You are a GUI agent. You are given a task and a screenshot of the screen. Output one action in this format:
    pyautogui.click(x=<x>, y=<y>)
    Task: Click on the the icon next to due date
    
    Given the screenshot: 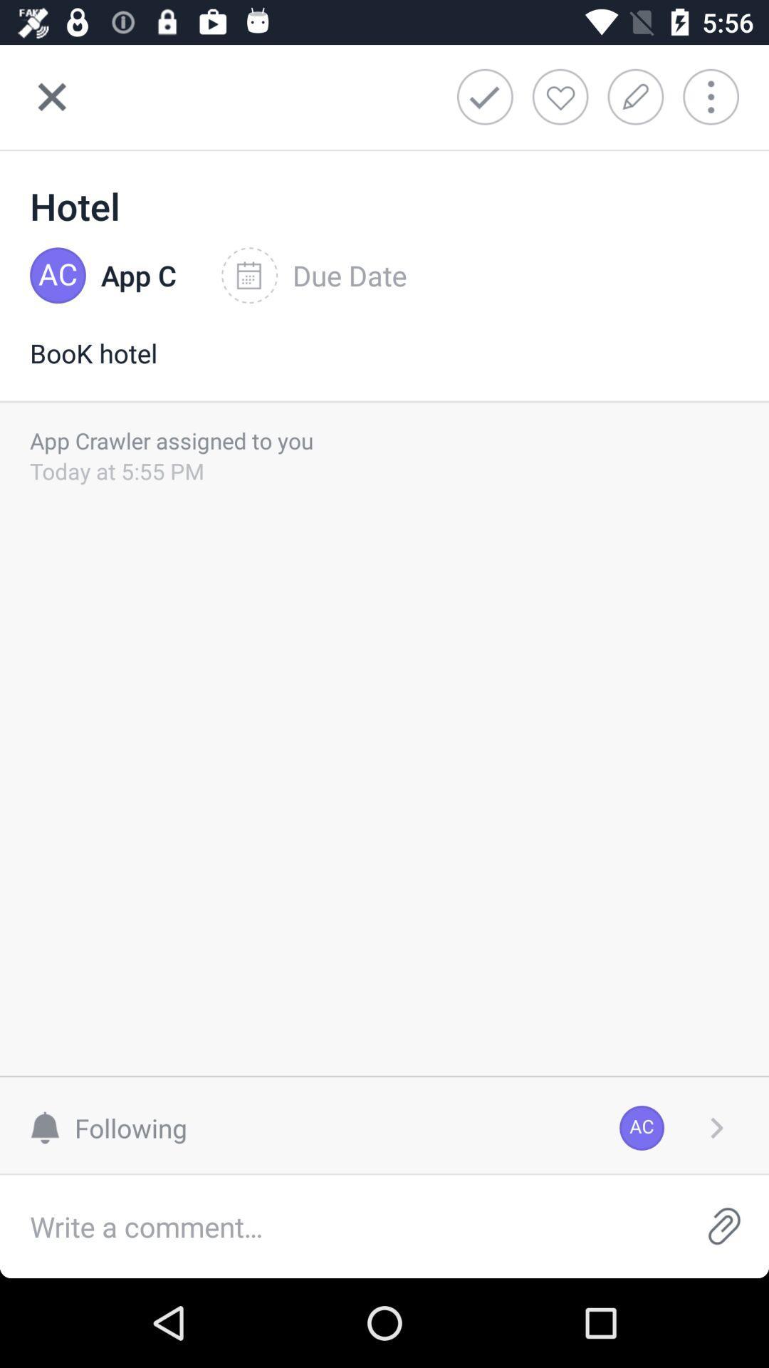 What is the action you would take?
    pyautogui.click(x=139, y=276)
    